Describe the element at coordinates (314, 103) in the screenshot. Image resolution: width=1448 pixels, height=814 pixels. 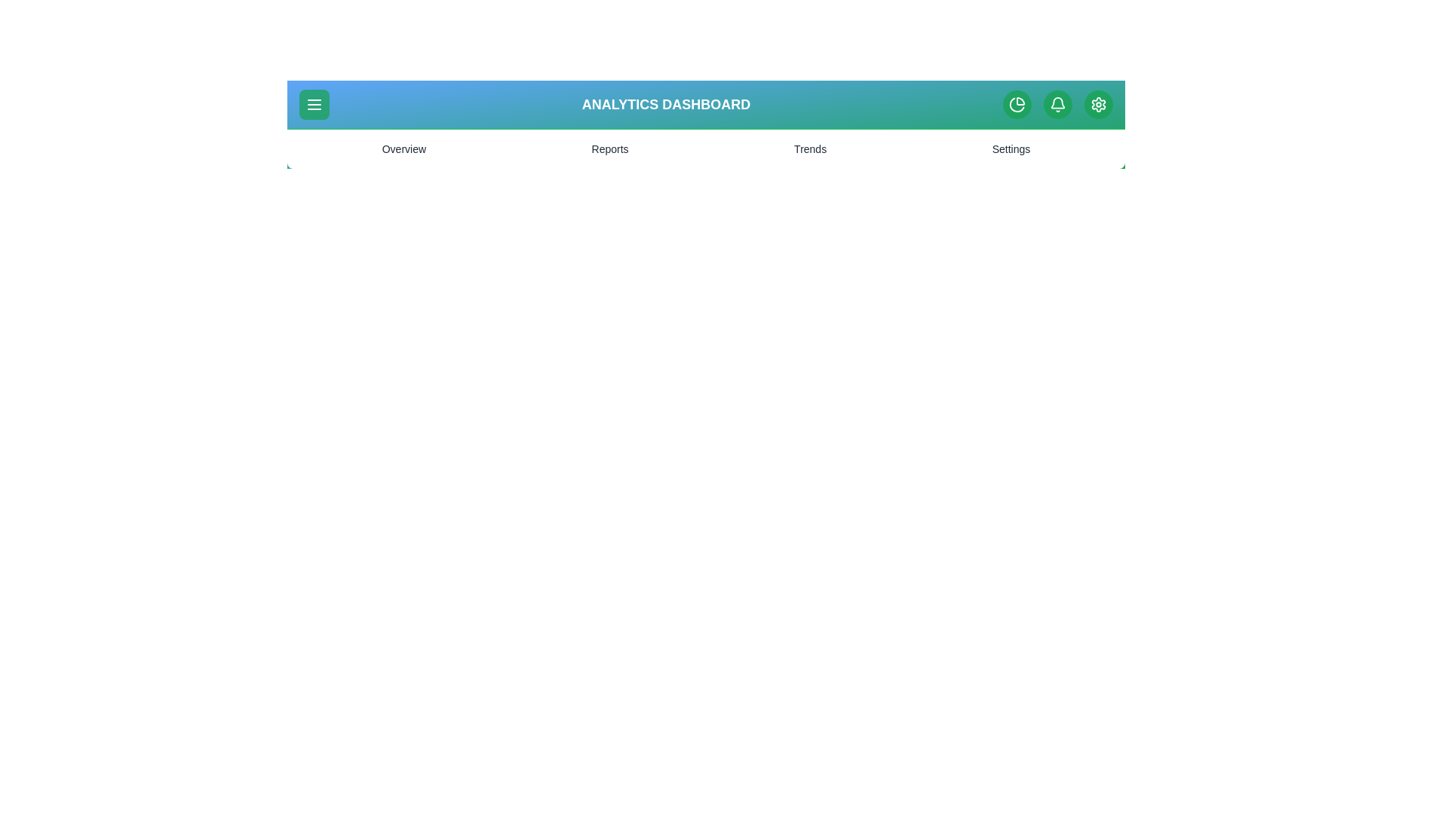
I see `the menu icon to toggle the menu visibility` at that location.